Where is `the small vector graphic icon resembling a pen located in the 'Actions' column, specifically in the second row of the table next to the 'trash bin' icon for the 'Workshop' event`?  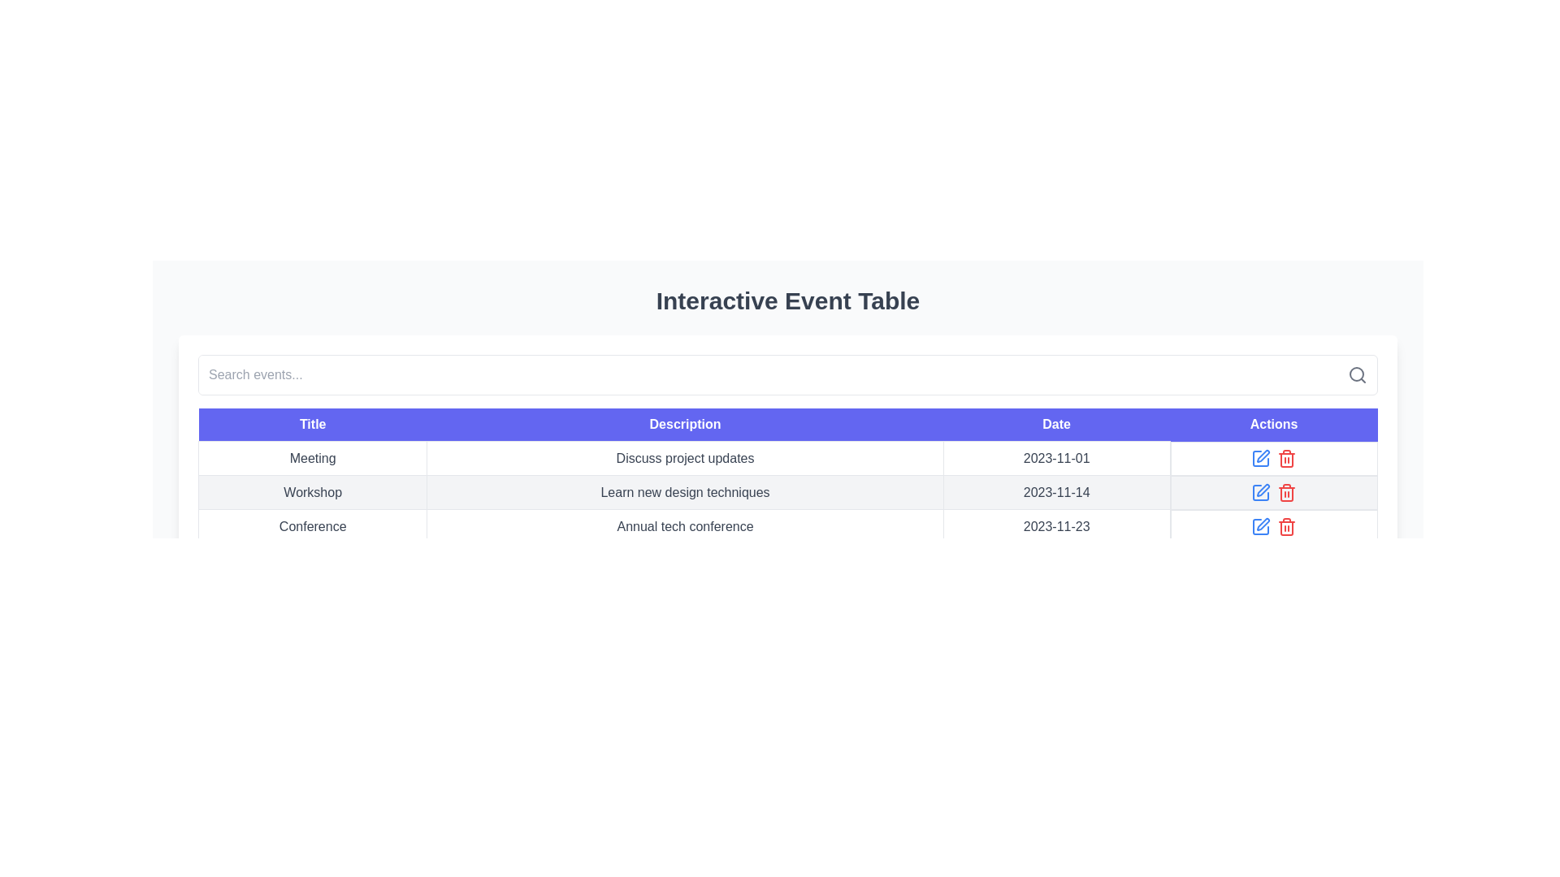 the small vector graphic icon resembling a pen located in the 'Actions' column, specifically in the second row of the table next to the 'trash bin' icon for the 'Workshop' event is located at coordinates (1263, 489).